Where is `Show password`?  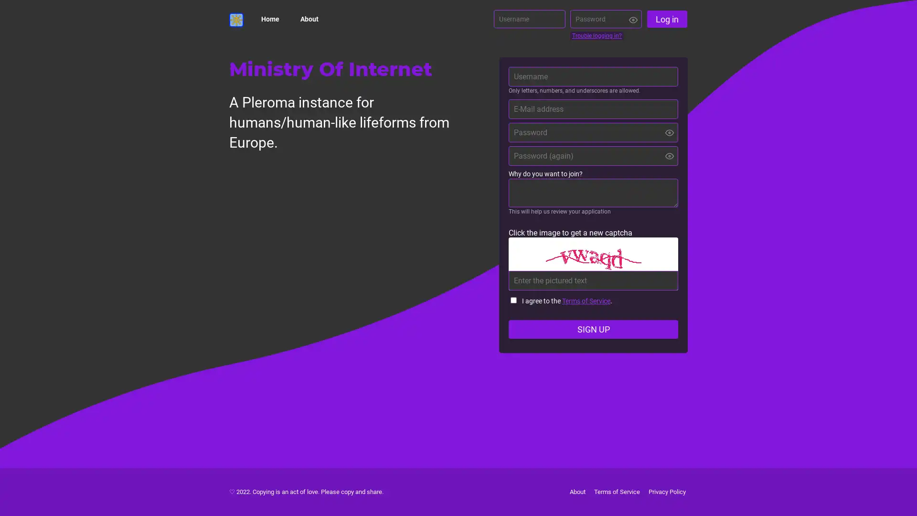
Show password is located at coordinates (669, 155).